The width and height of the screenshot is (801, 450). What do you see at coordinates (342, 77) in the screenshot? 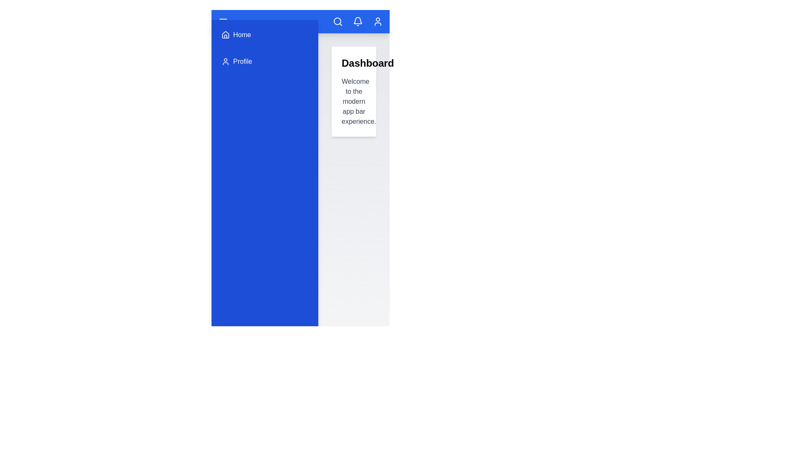
I see `the text 'Welcome to the modern app bar experience.' in the dashboard content` at bounding box center [342, 77].